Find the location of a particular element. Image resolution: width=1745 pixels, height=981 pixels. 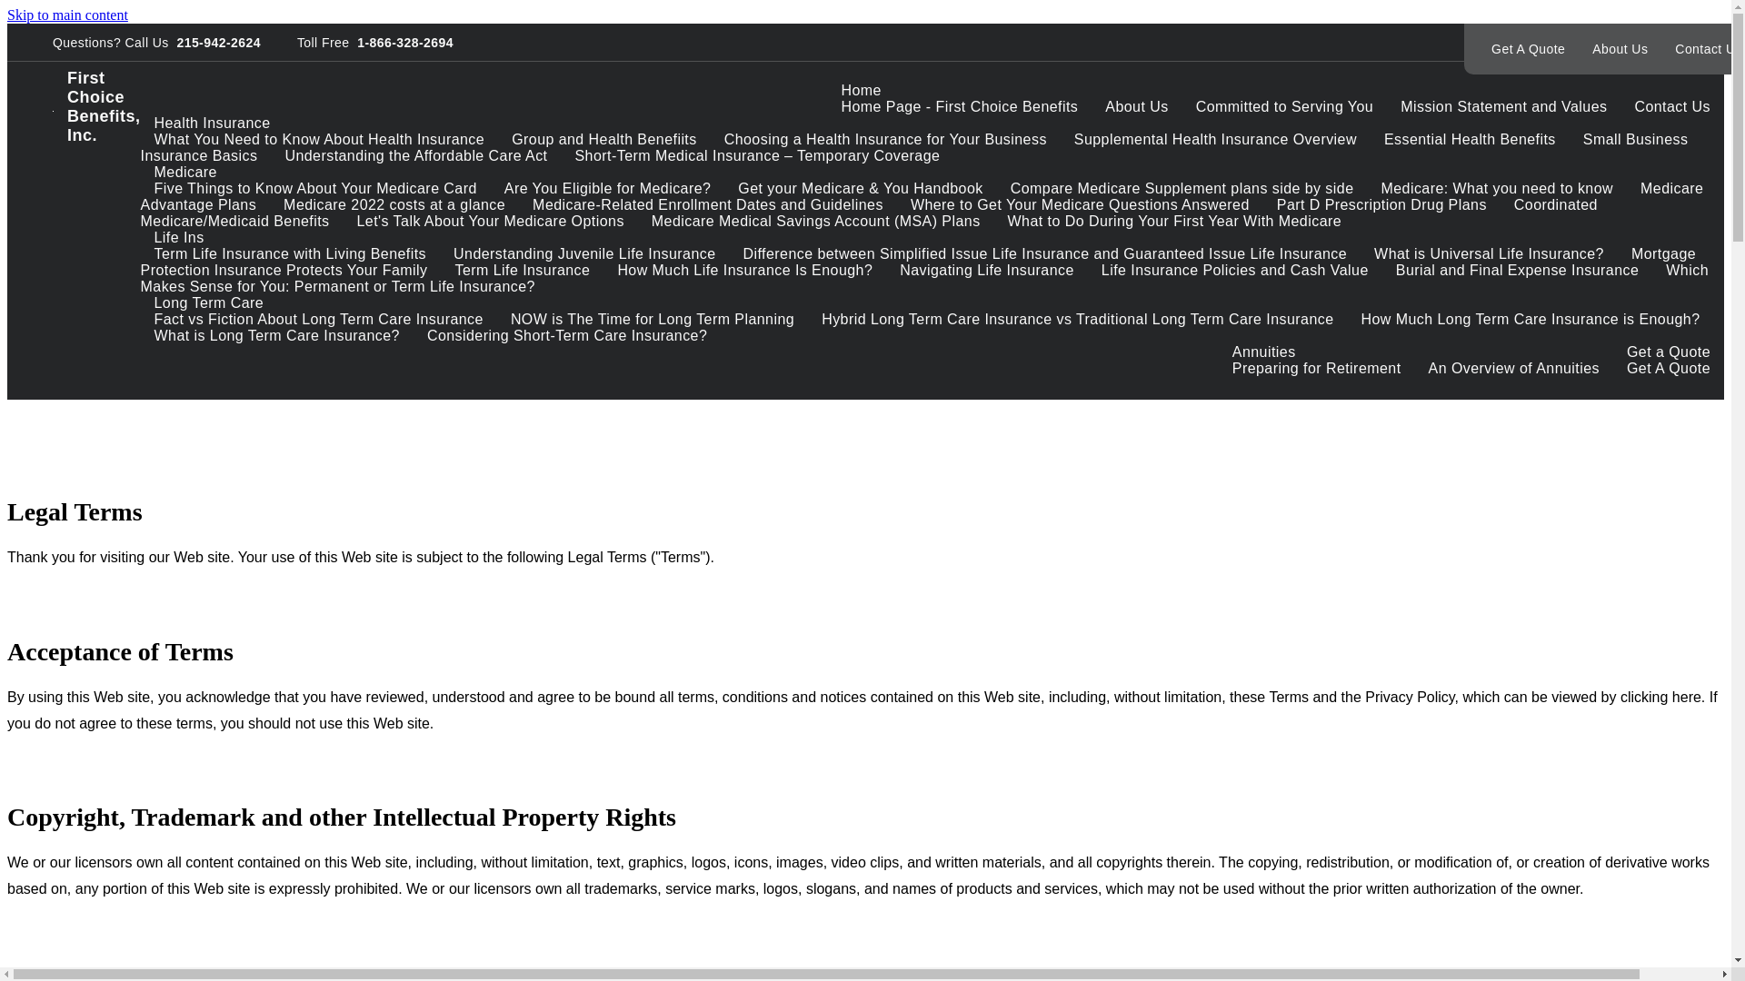

'What to Do During Your First Year With Medicare' is located at coordinates (1174, 220).